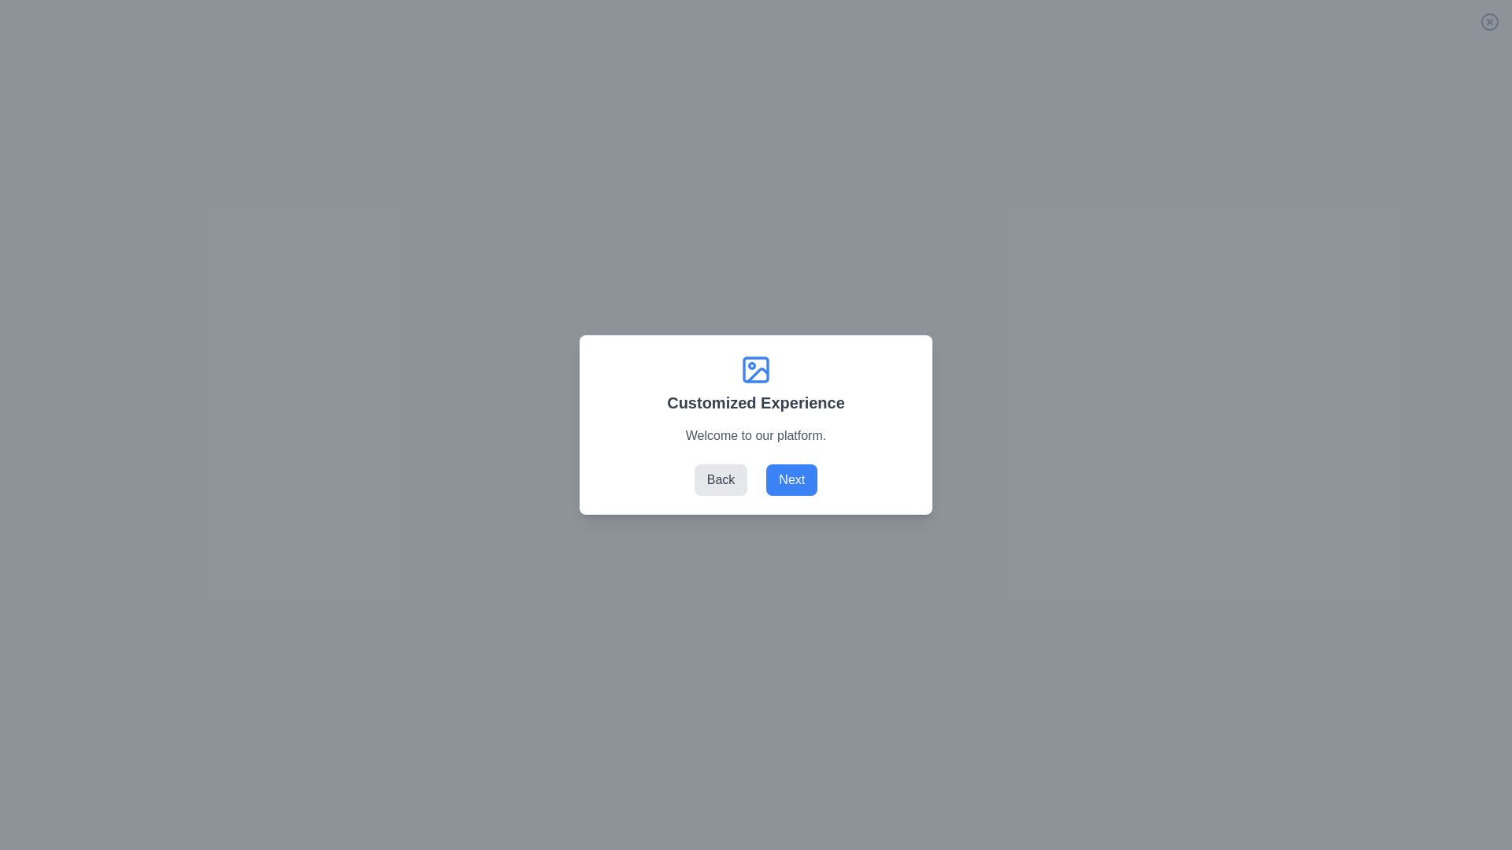  What do you see at coordinates (720, 479) in the screenshot?
I see `the 'Back' button to navigate to the previous informational message` at bounding box center [720, 479].